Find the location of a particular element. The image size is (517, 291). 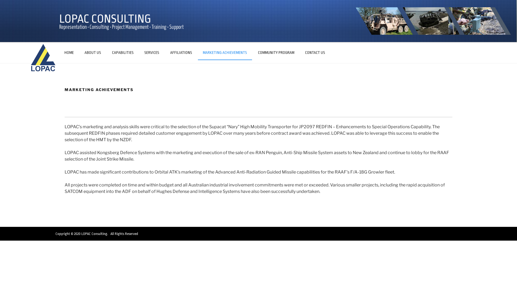

'SERVICES' is located at coordinates (152, 52).